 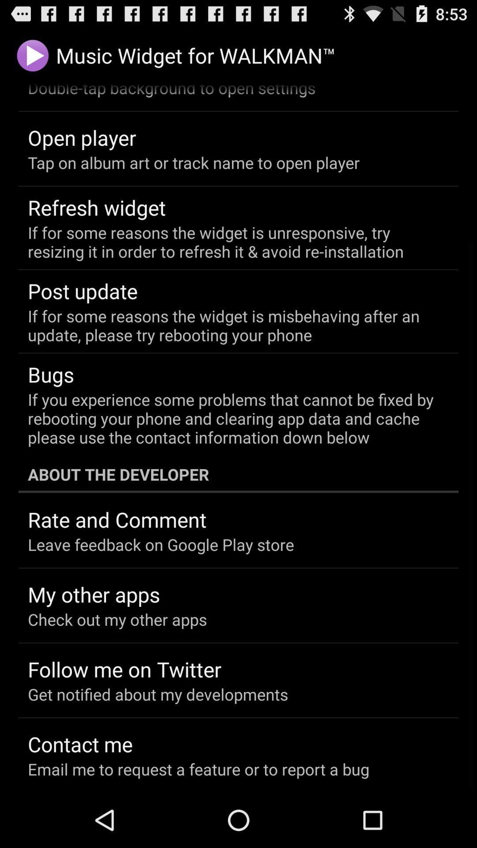 I want to click on icon above my other apps app, so click(x=161, y=544).